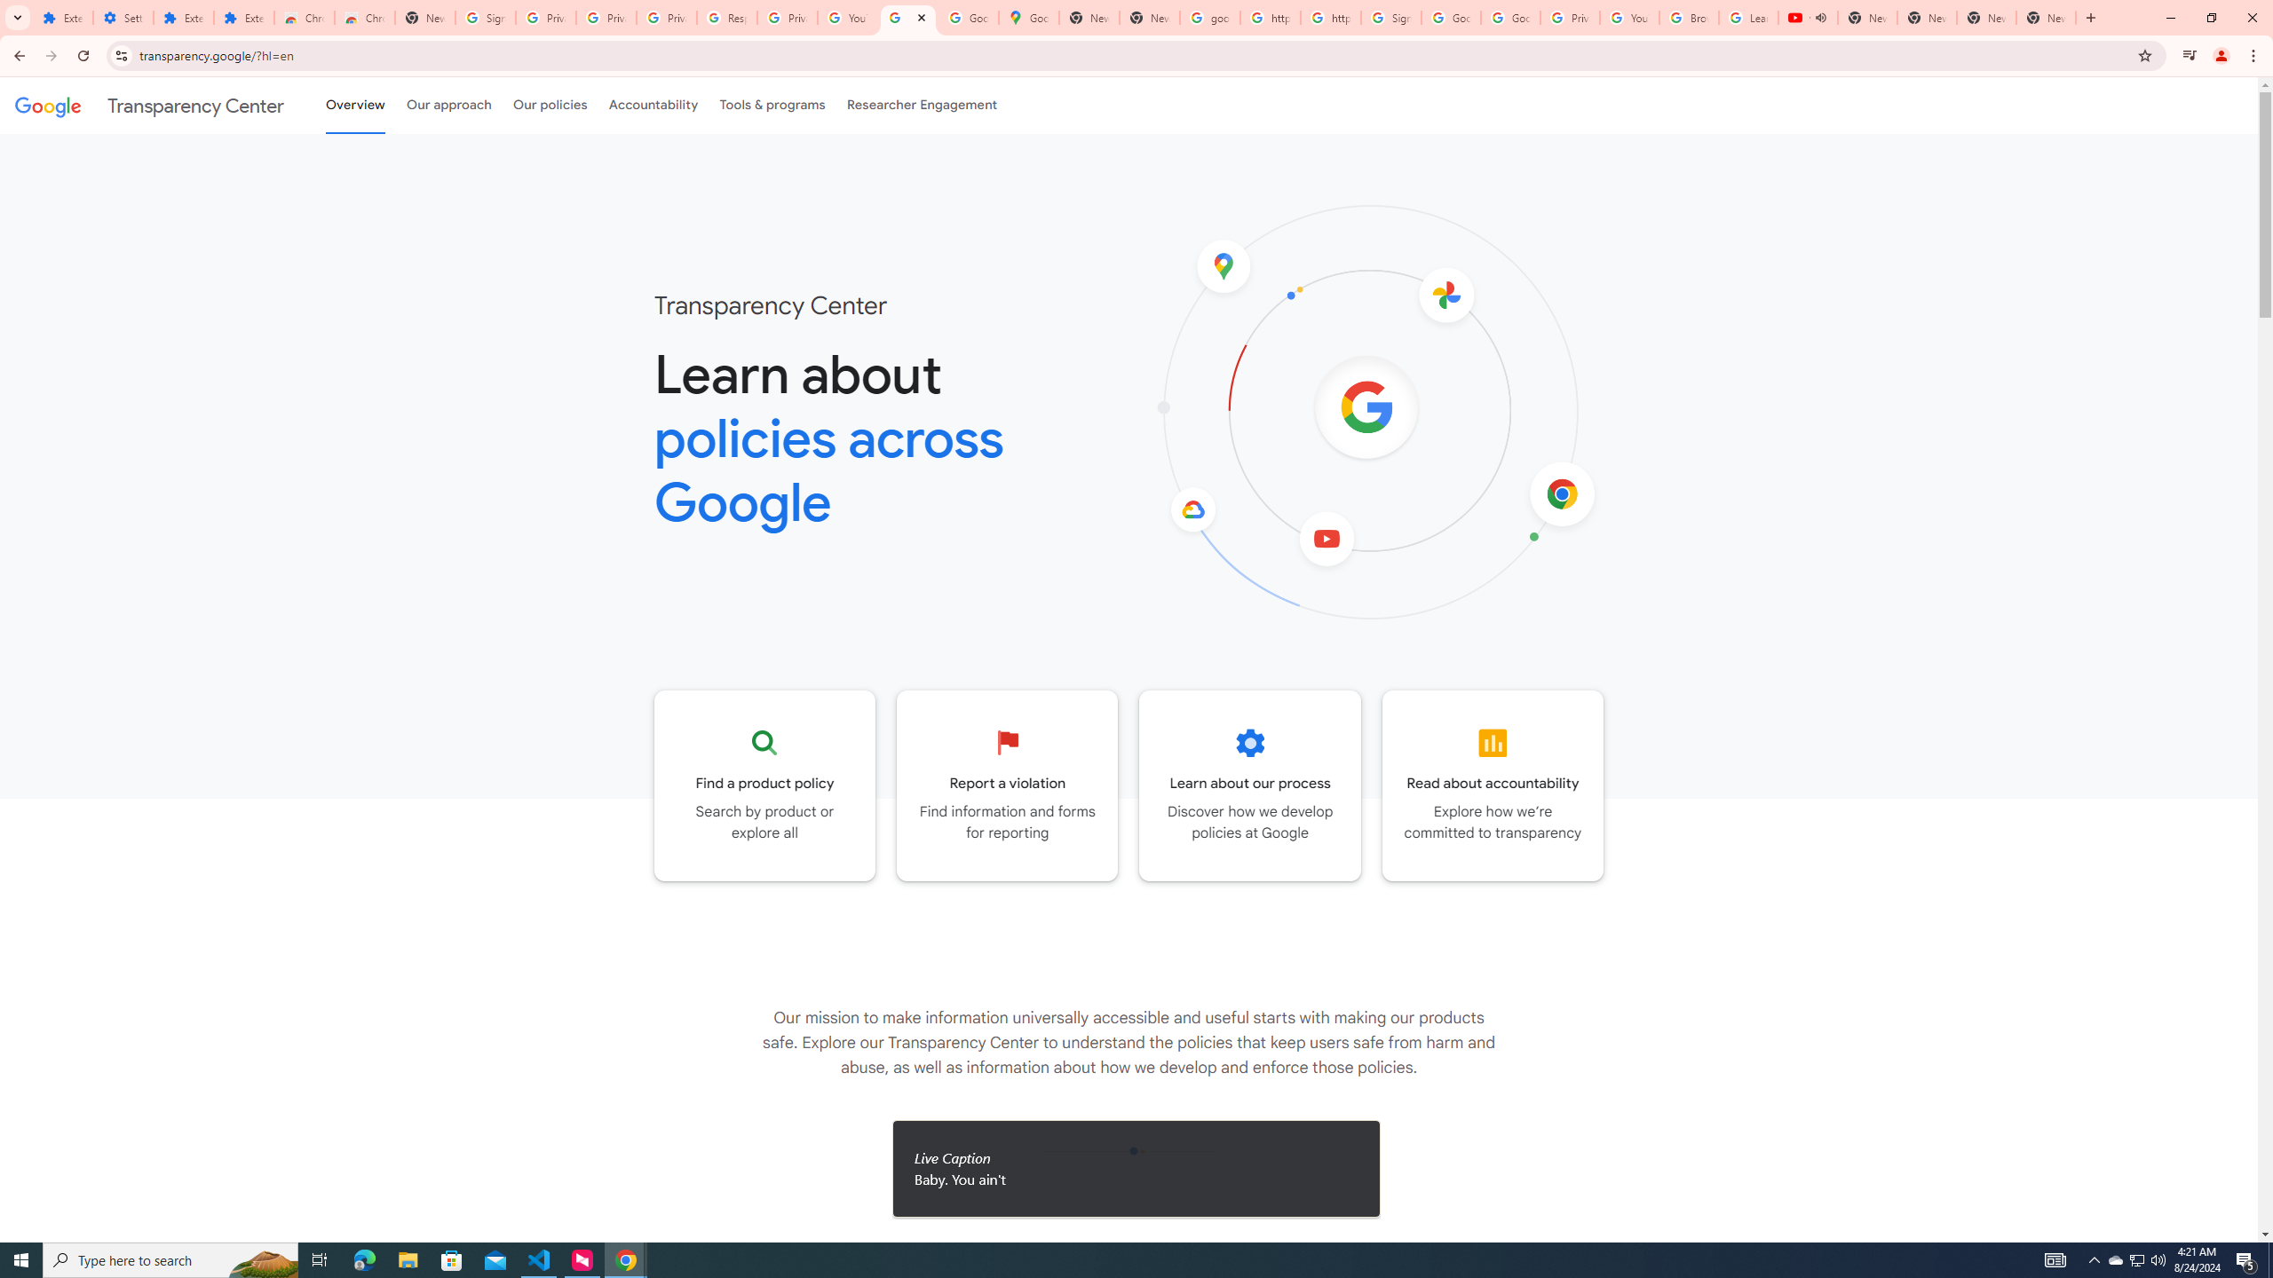 The width and height of the screenshot is (2273, 1278). Describe the element at coordinates (363, 17) in the screenshot. I see `'Chrome Web Store - Themes'` at that location.